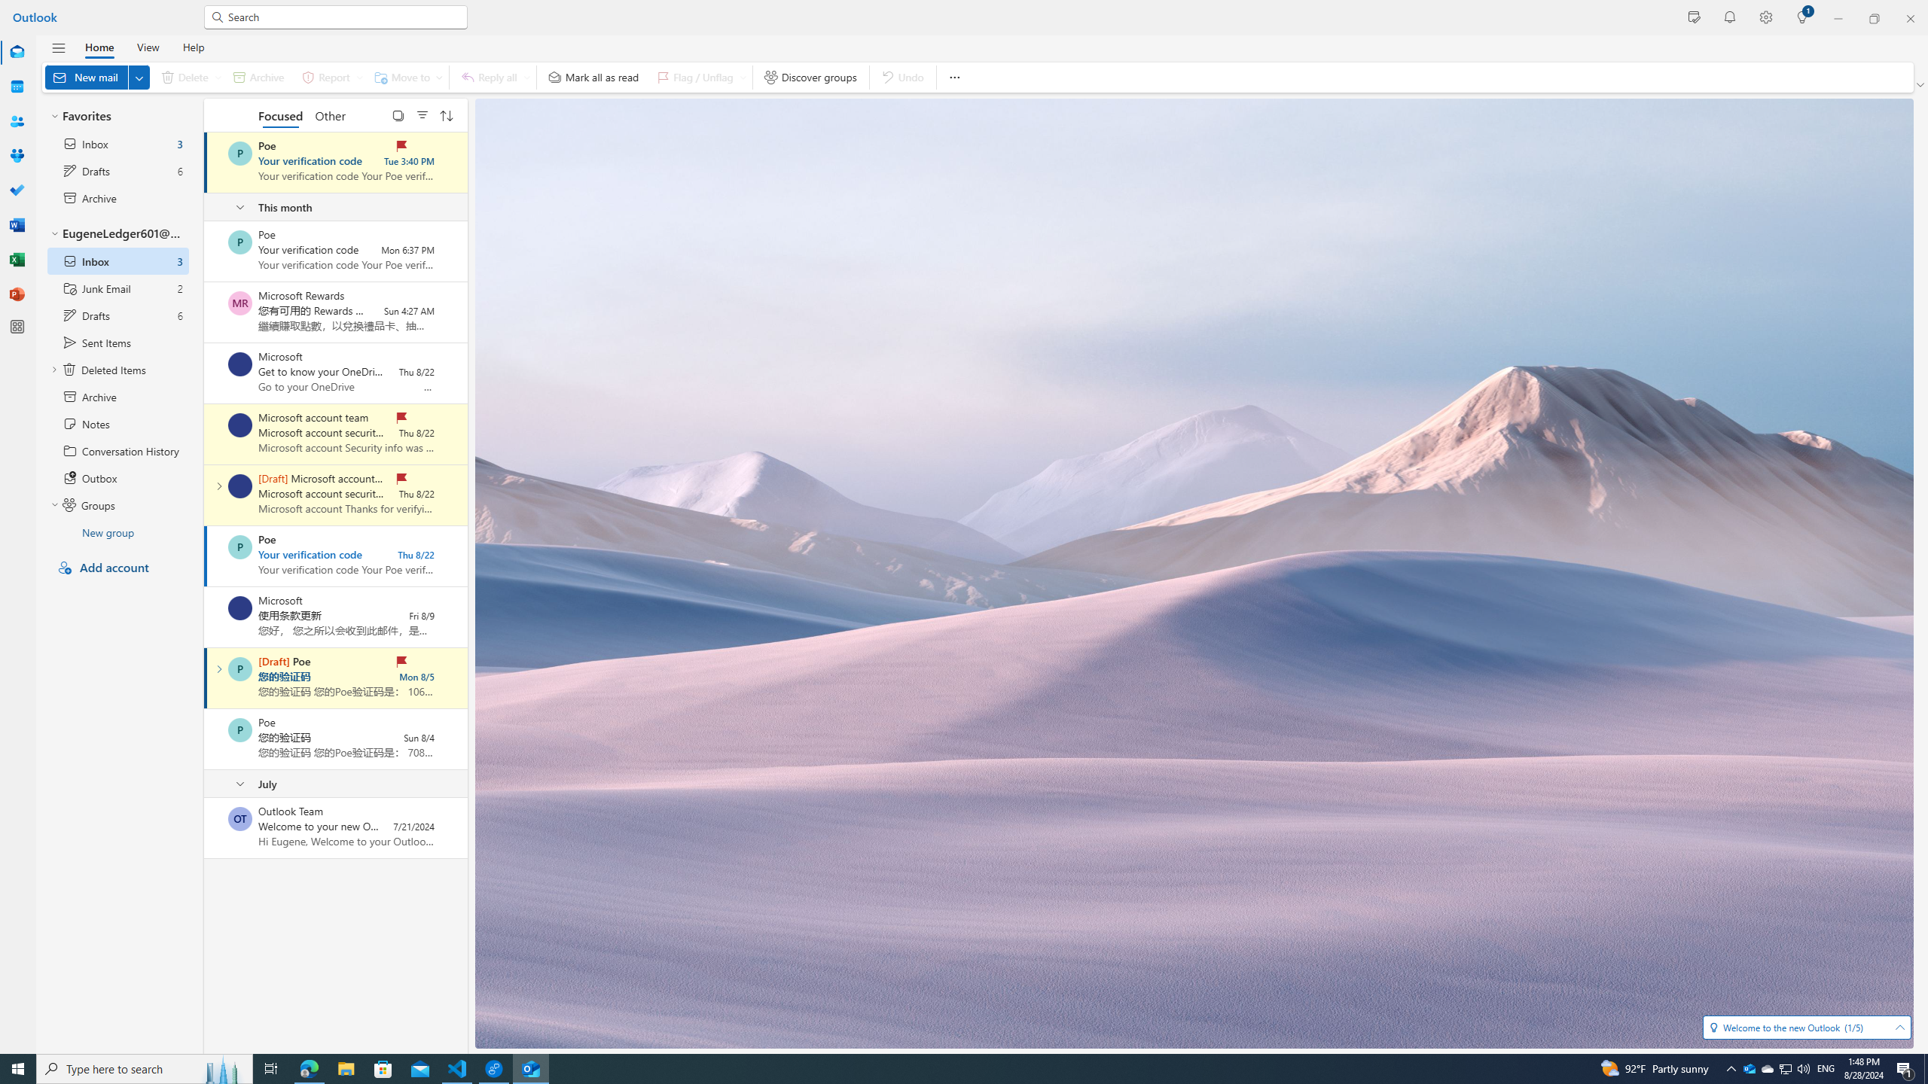 The image size is (1928, 1084). Describe the element at coordinates (445, 114) in the screenshot. I see `'Sorted: By Date'` at that location.